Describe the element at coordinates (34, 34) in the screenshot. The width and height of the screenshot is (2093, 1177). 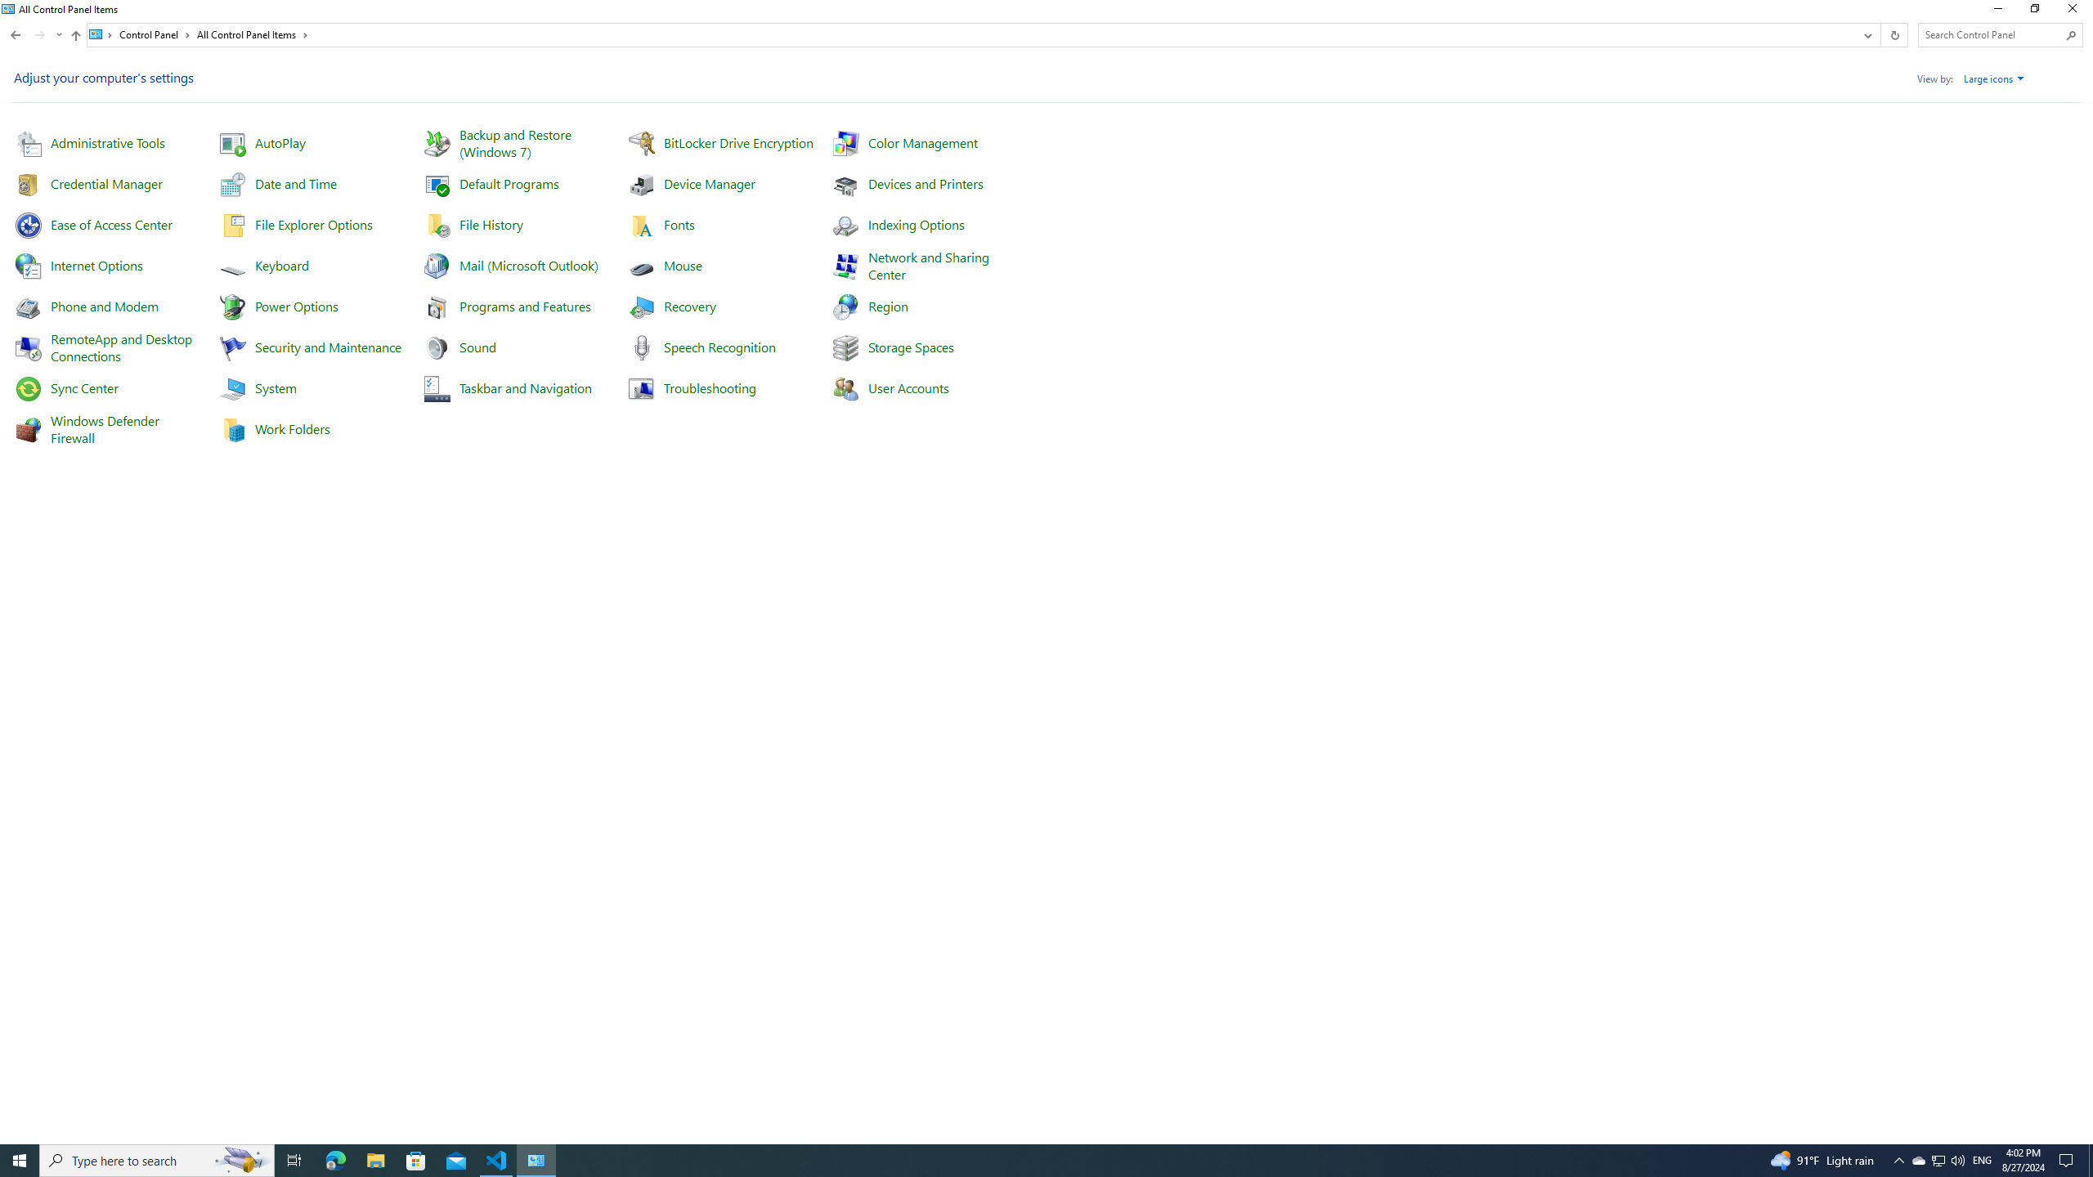
I see `'Navigation buttons'` at that location.